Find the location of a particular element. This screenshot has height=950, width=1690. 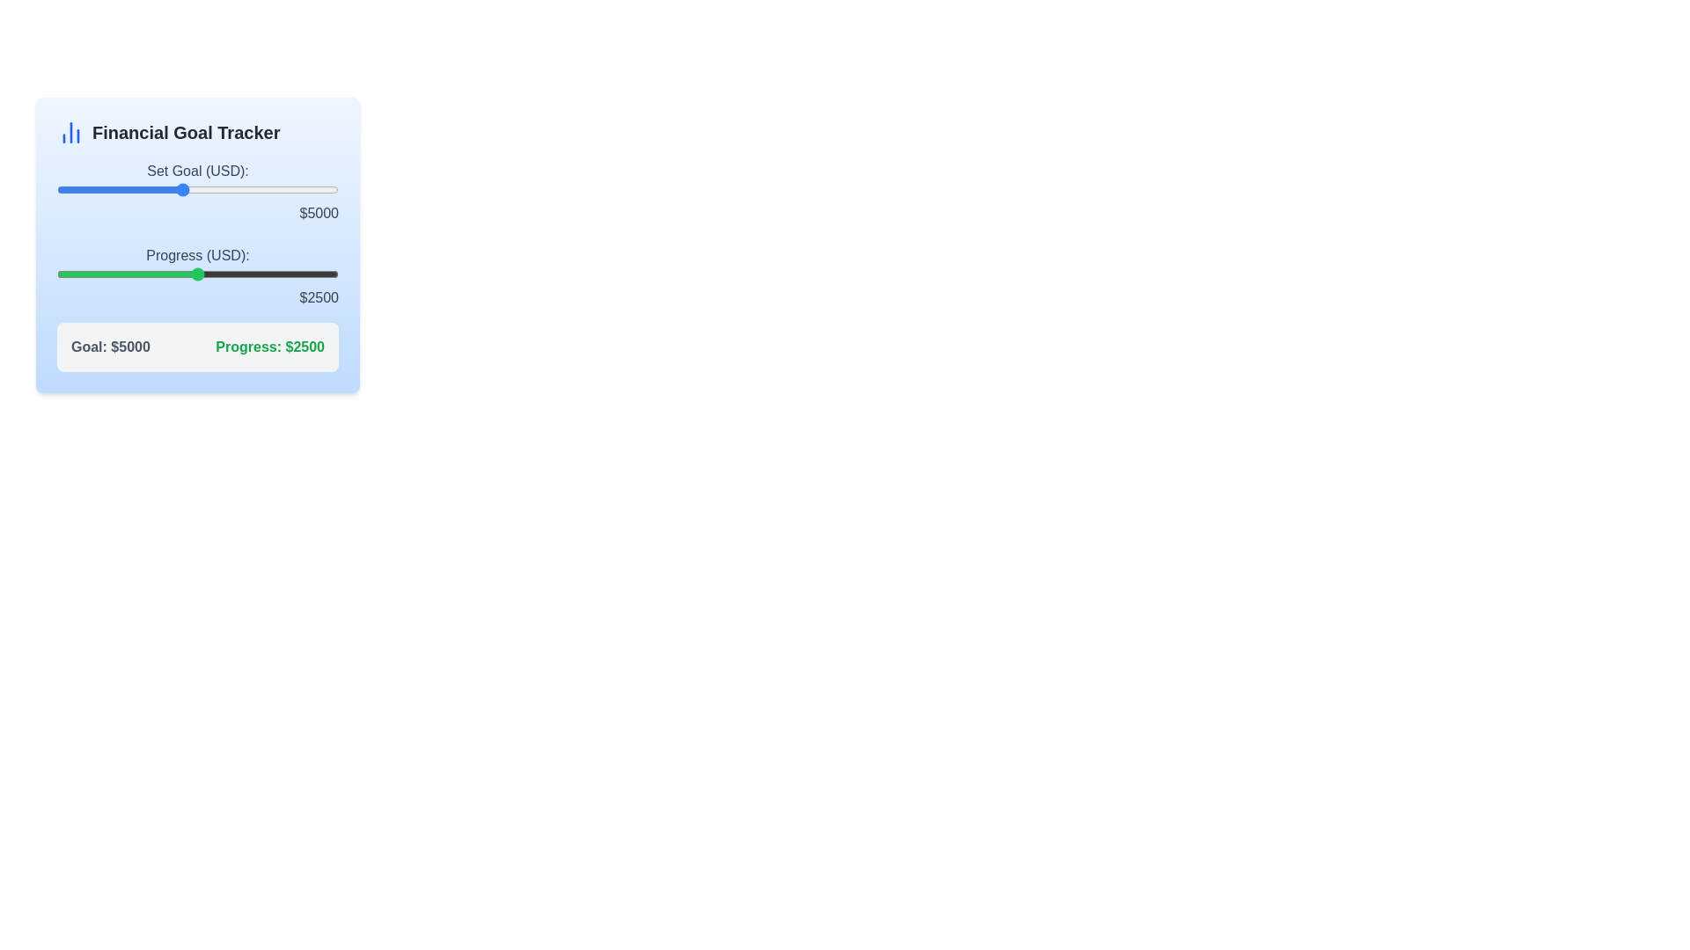

the progress slider to 1864 USD is located at coordinates (162, 274).